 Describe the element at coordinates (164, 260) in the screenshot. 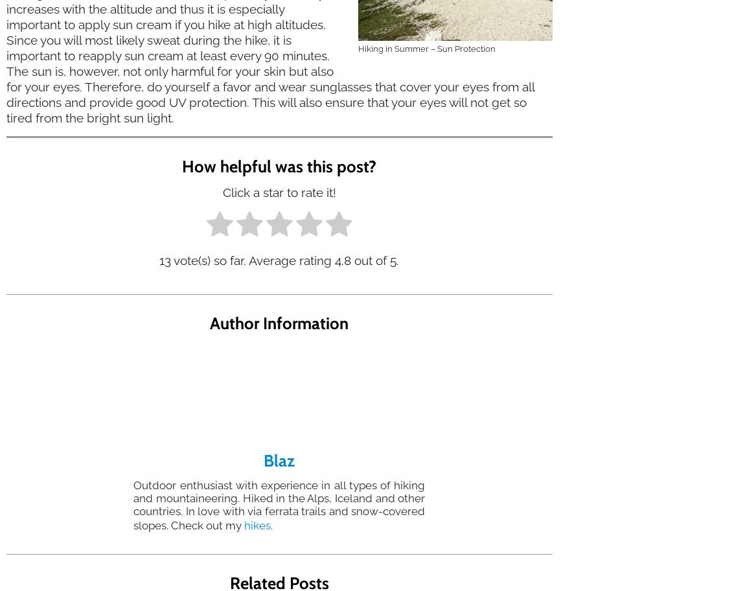

I see `'13'` at that location.